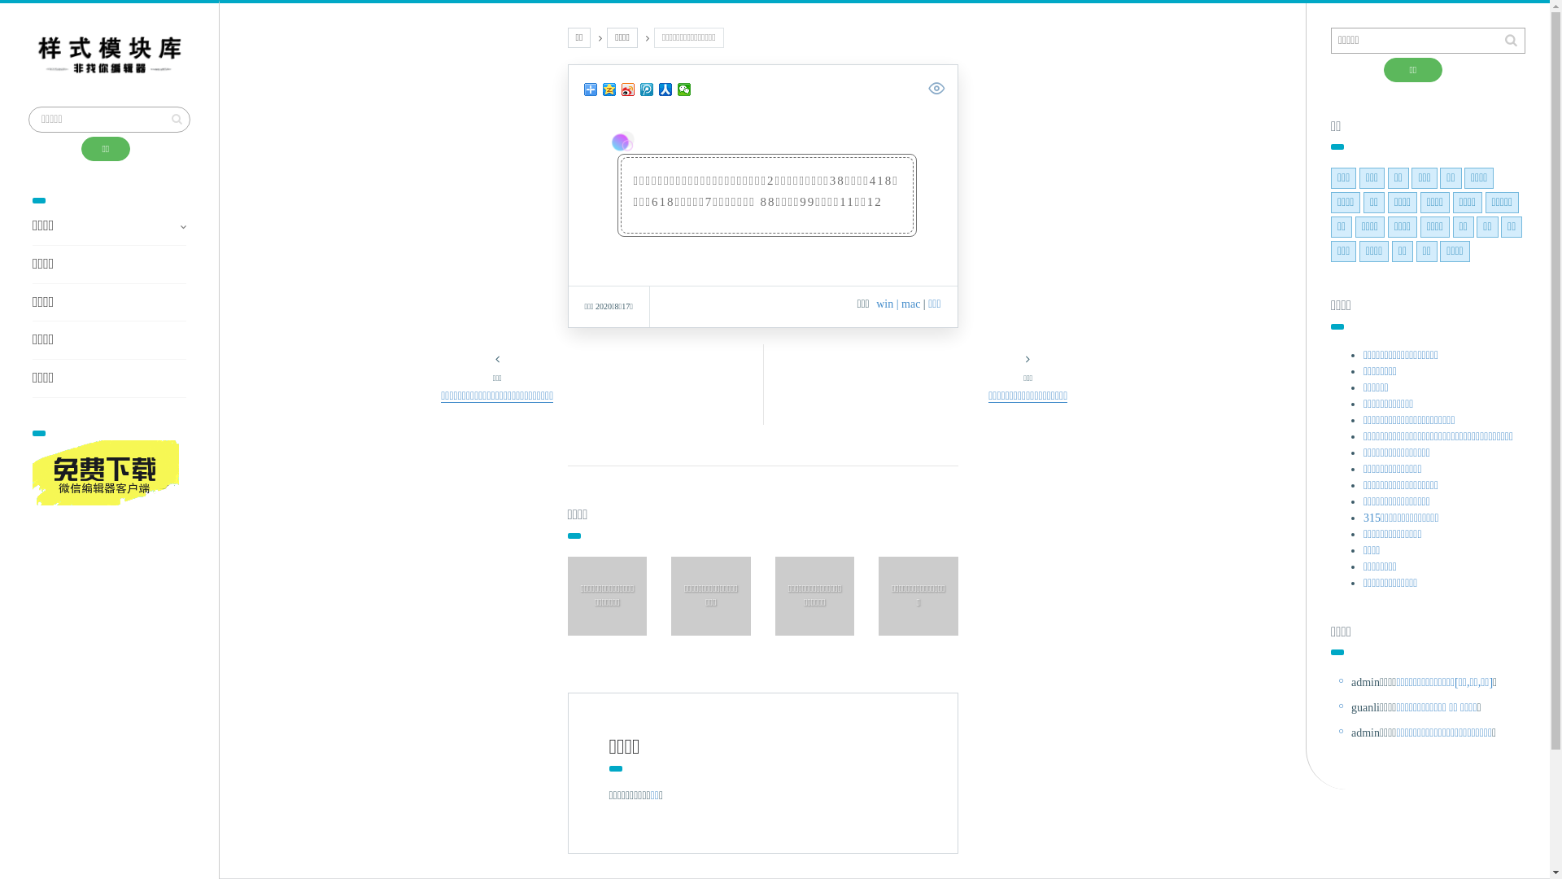  Describe the element at coordinates (908, 304) in the screenshot. I see `'| mac'` at that location.